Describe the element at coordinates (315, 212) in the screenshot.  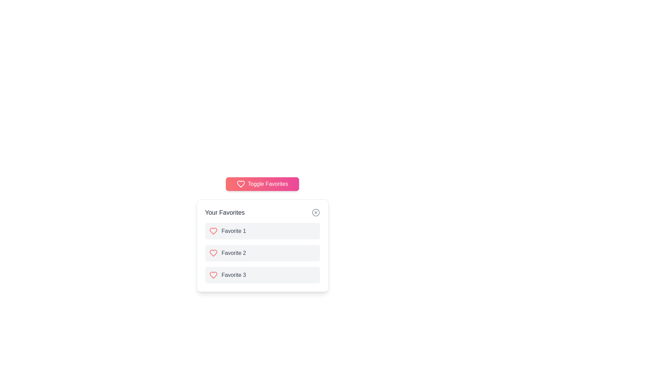
I see `the circular decorative element of the close-button icon located at the top-right corner of the favorites list to perform the close action` at that location.